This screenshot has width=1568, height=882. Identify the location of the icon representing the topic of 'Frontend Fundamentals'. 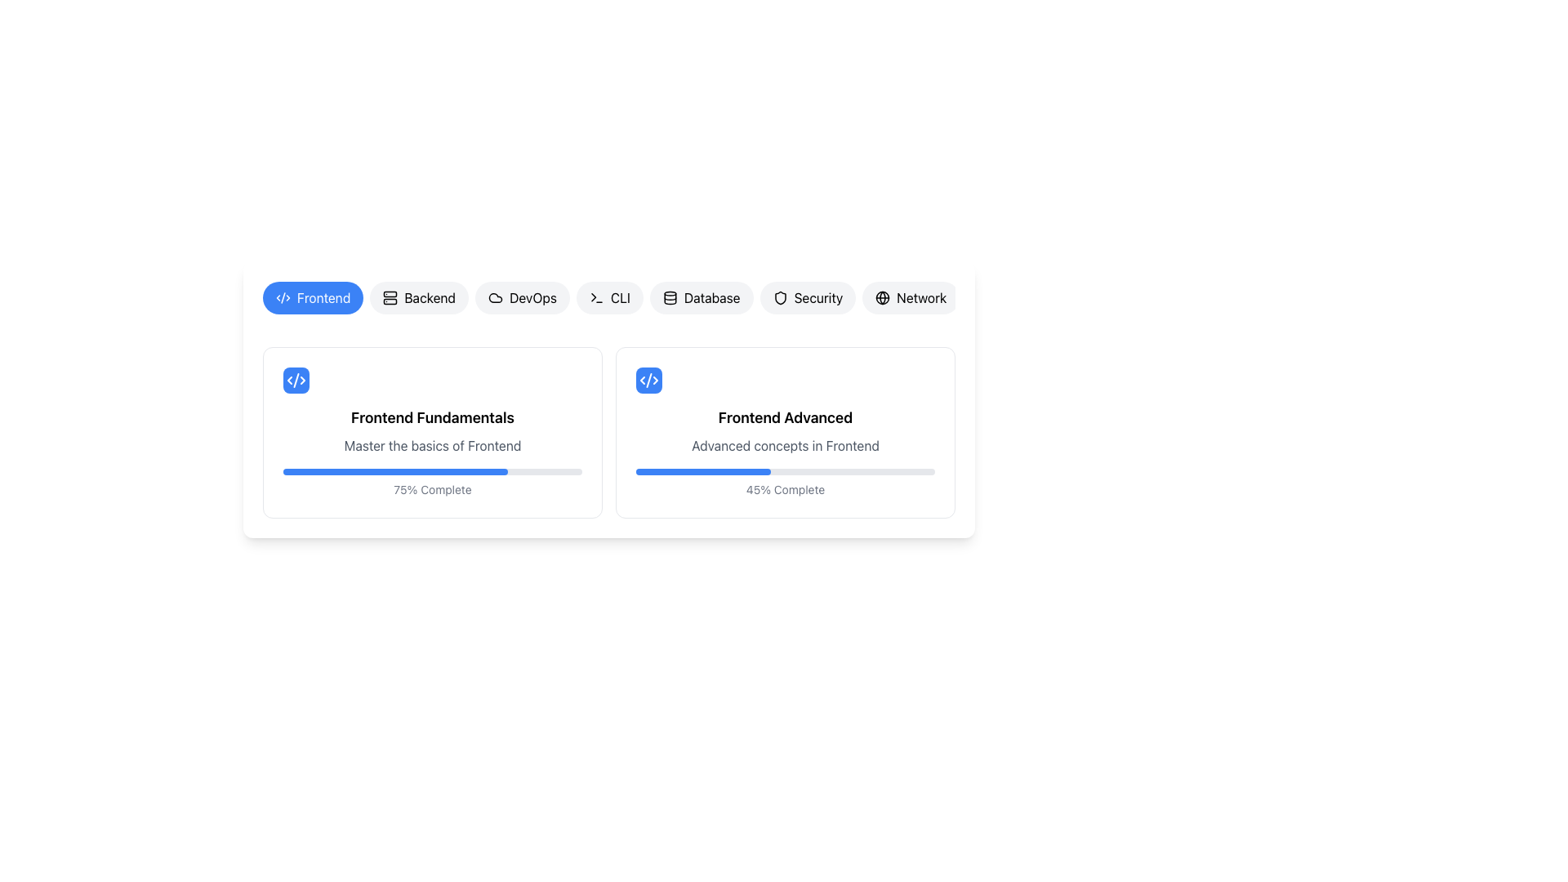
(296, 381).